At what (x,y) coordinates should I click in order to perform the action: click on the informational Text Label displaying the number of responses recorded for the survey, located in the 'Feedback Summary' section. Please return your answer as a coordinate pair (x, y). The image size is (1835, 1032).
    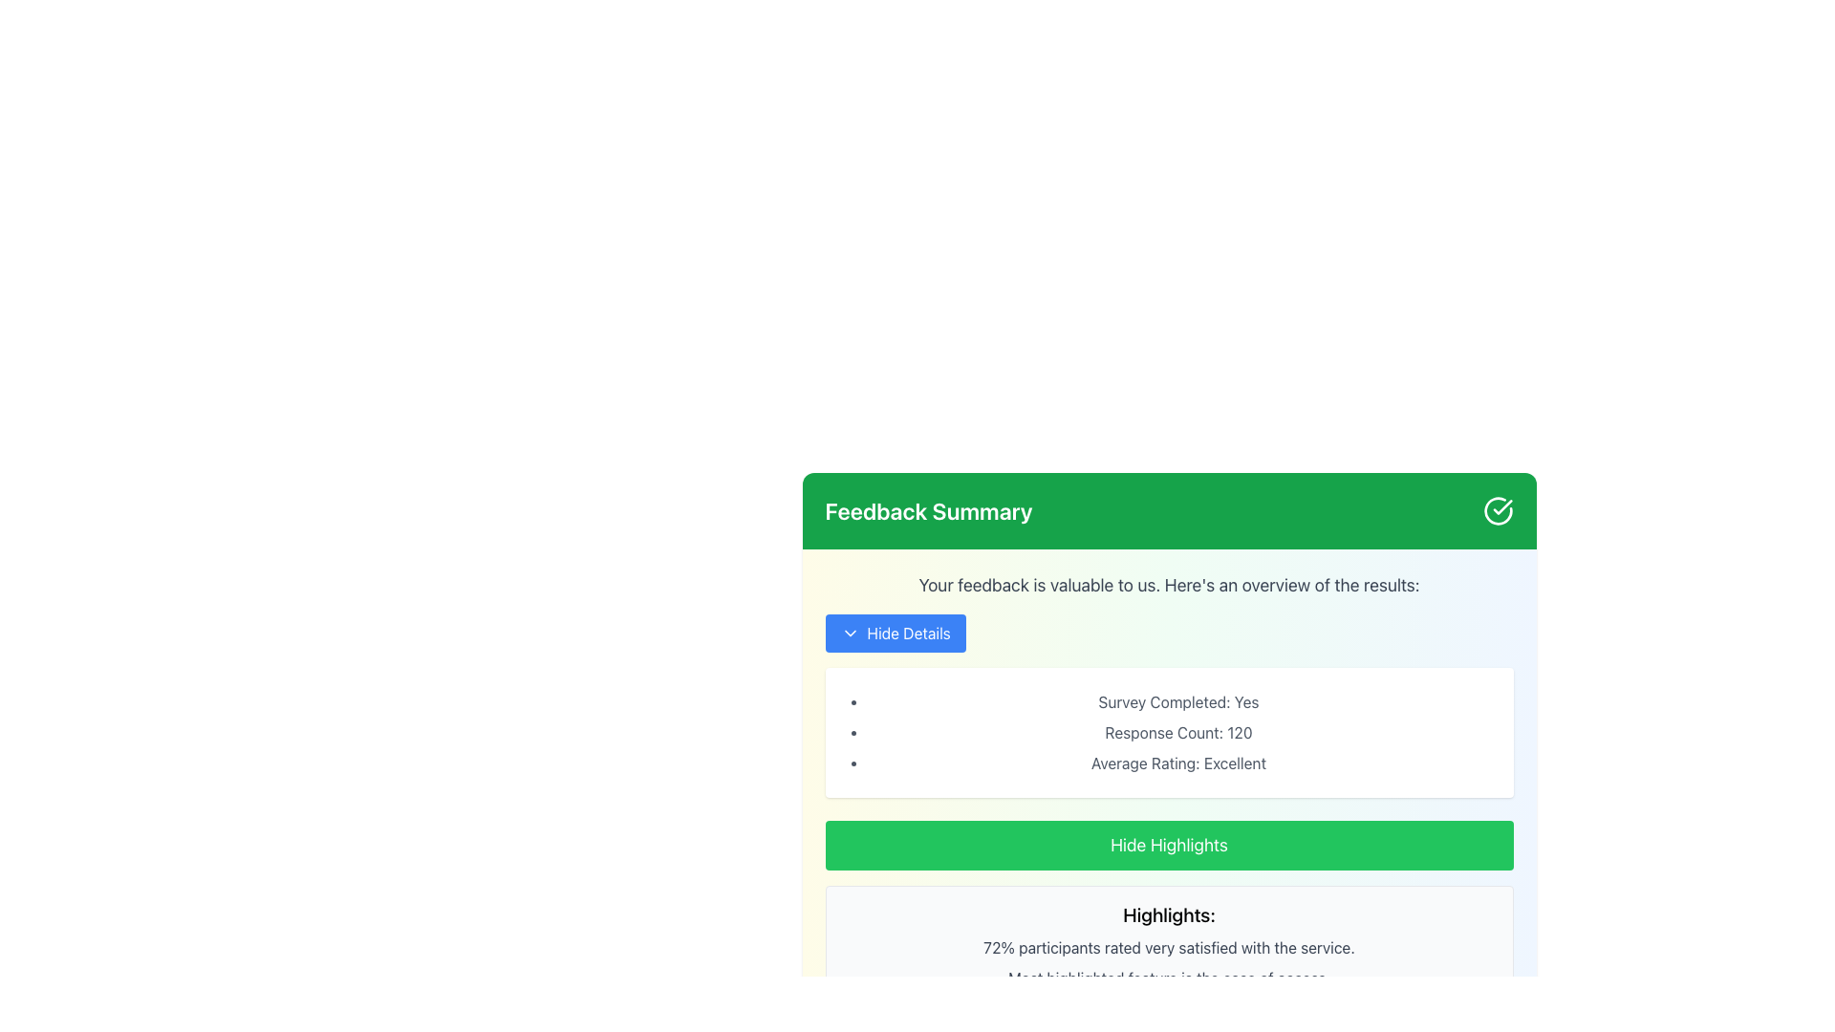
    Looking at the image, I should click on (1177, 732).